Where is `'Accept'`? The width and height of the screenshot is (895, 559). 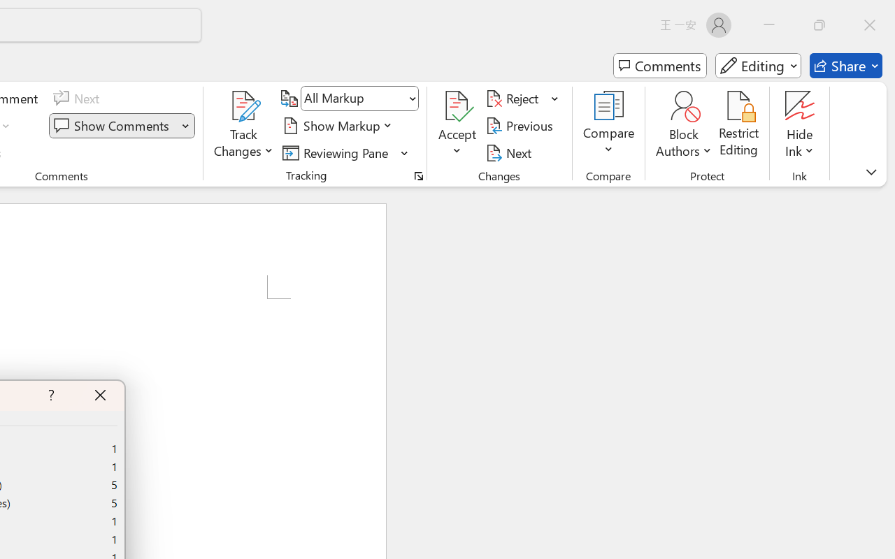
'Accept' is located at coordinates (457, 125).